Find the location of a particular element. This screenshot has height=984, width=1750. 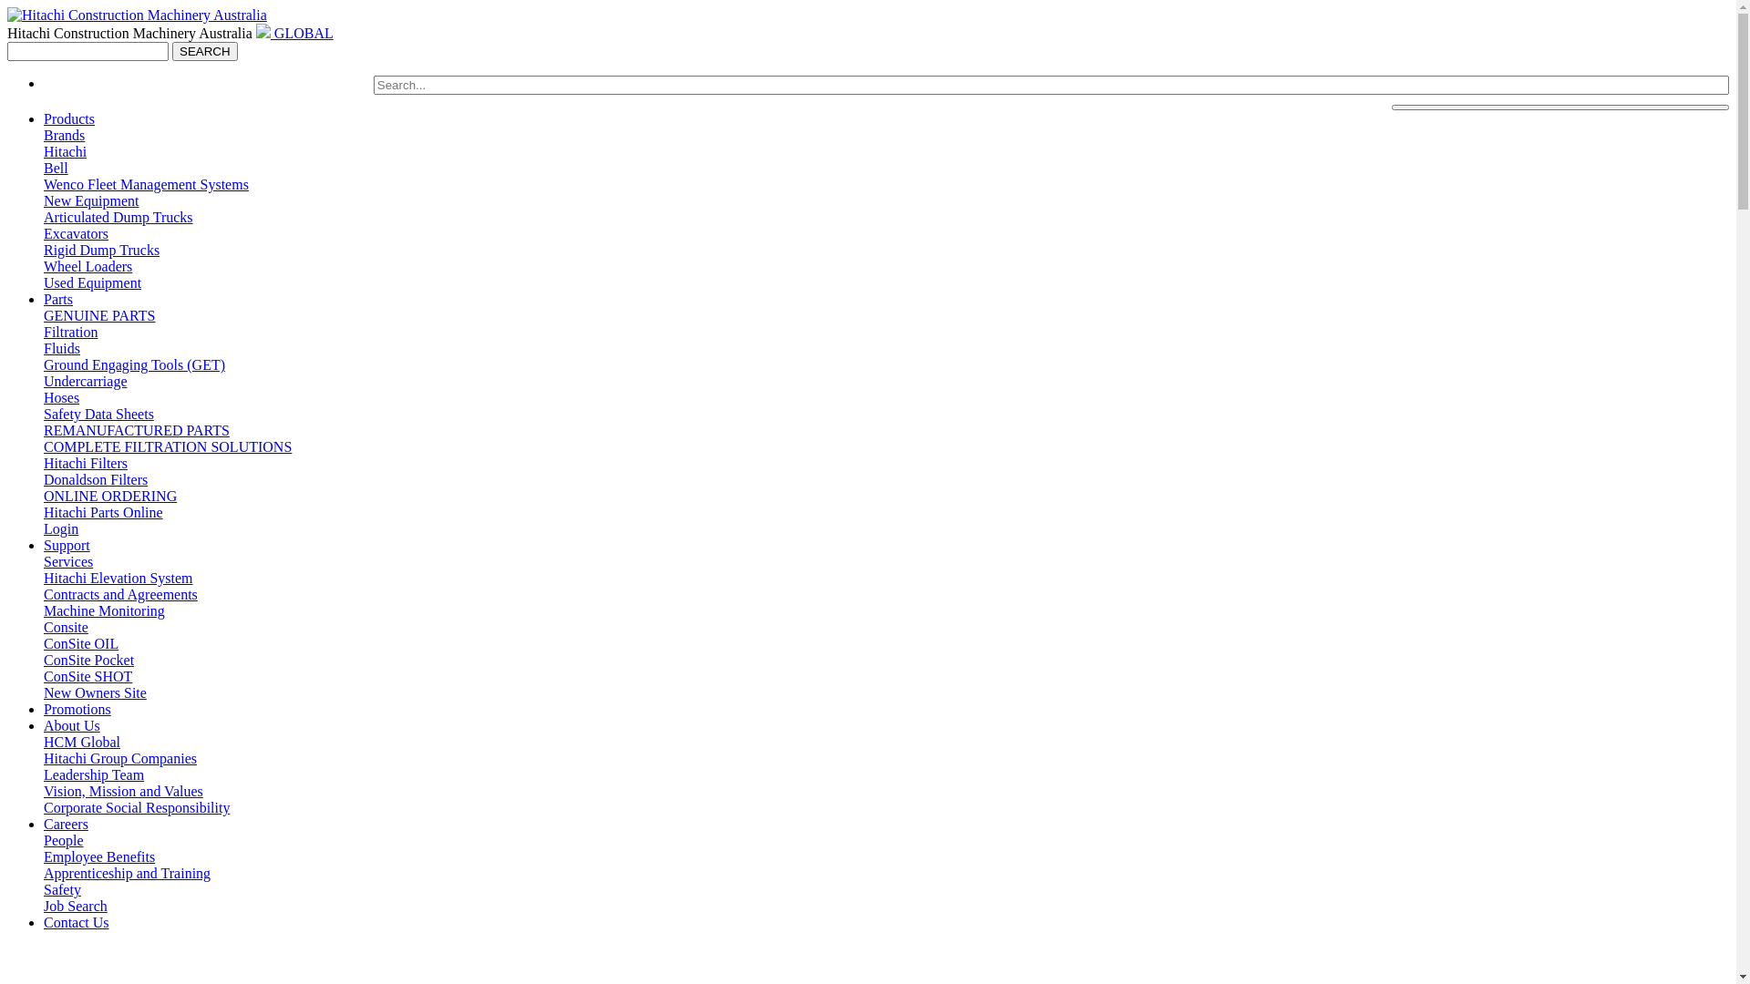

'People' is located at coordinates (44, 840).